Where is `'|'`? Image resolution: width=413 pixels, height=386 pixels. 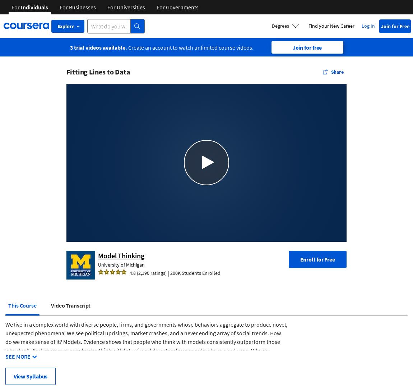
'|' is located at coordinates (168, 272).